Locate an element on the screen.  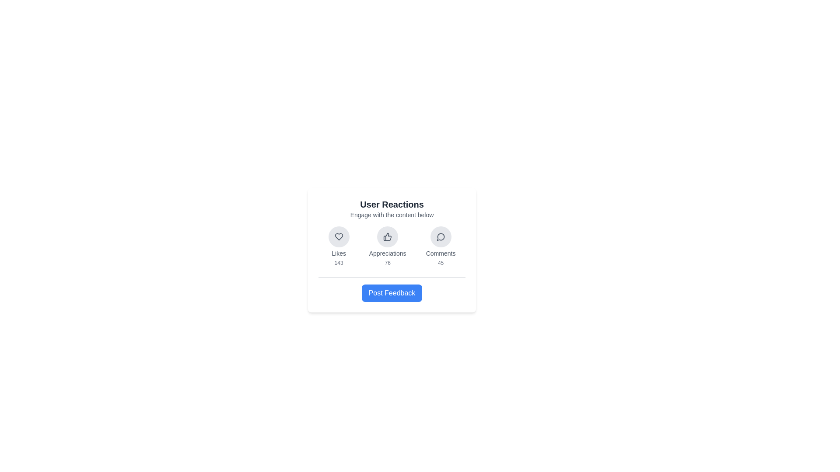
the circular button with a light gray background and a thumbs-up icon in the center is located at coordinates (387, 237).